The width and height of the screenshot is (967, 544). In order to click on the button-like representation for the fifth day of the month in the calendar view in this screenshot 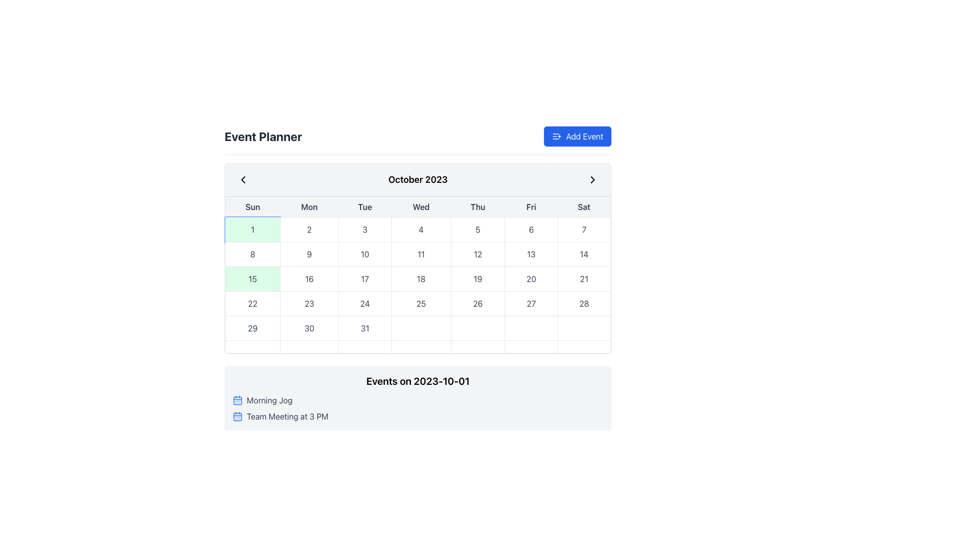, I will do `click(477, 229)`.